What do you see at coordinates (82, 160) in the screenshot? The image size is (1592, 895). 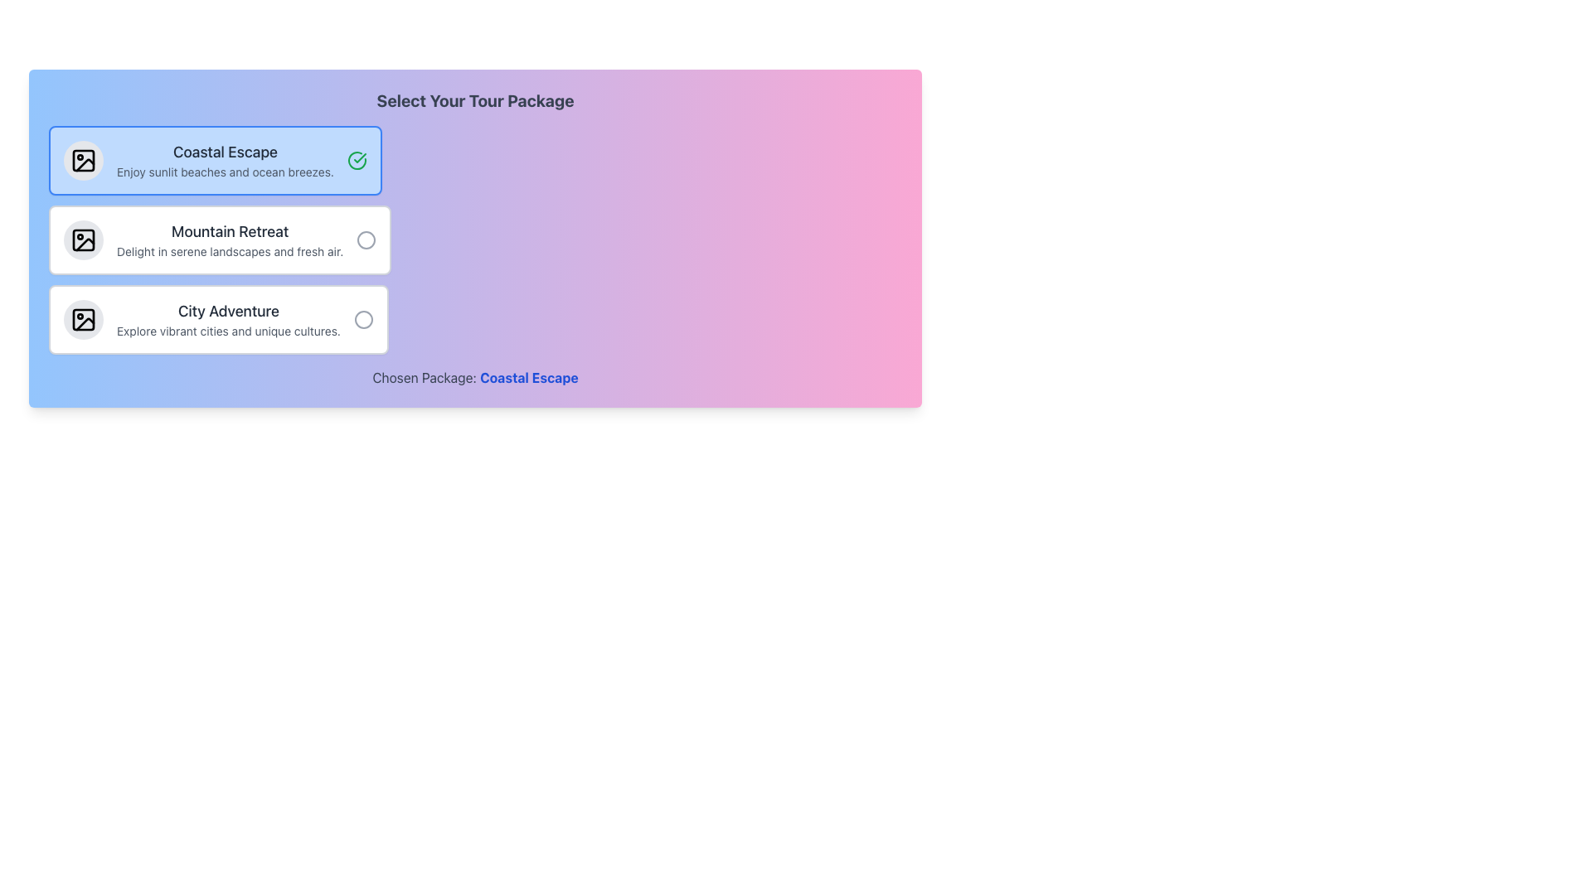 I see `the first icon on the left side of the 'Coastal Escape' tour package option for potential interaction` at bounding box center [82, 160].